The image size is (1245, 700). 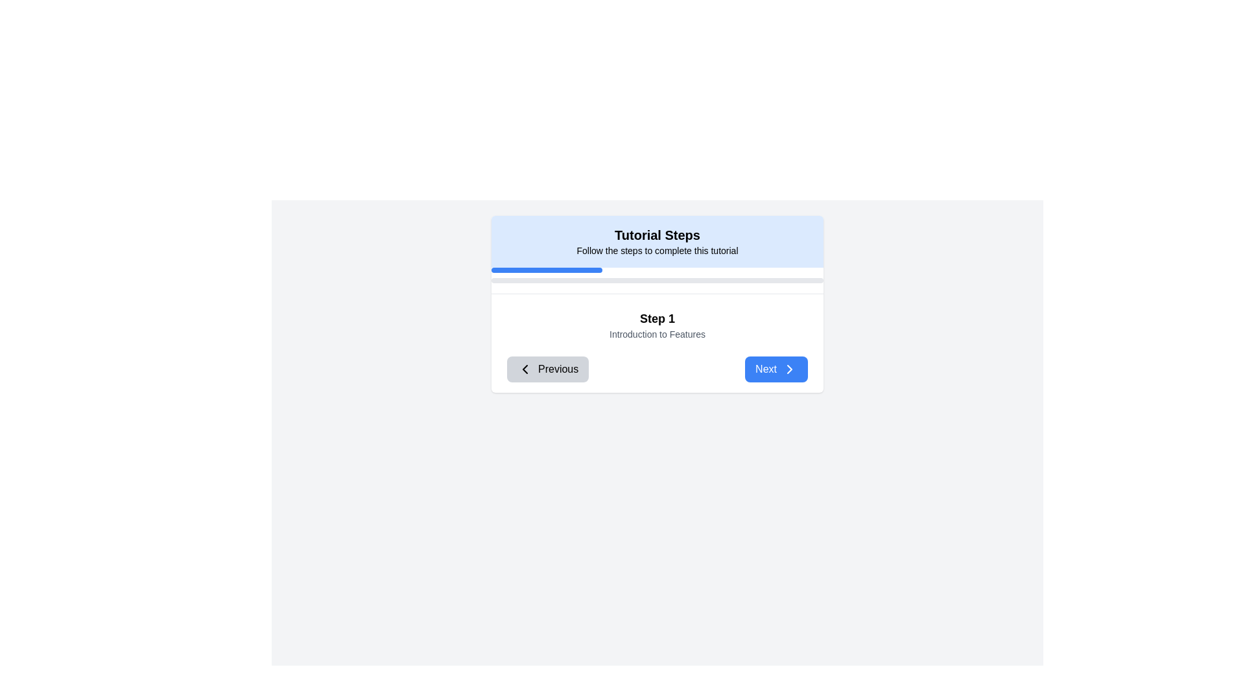 I want to click on the left-pointing arrow SVG graphic within the 'Previous' button located at the bottom left of the tutorial steps interface, so click(x=525, y=369).